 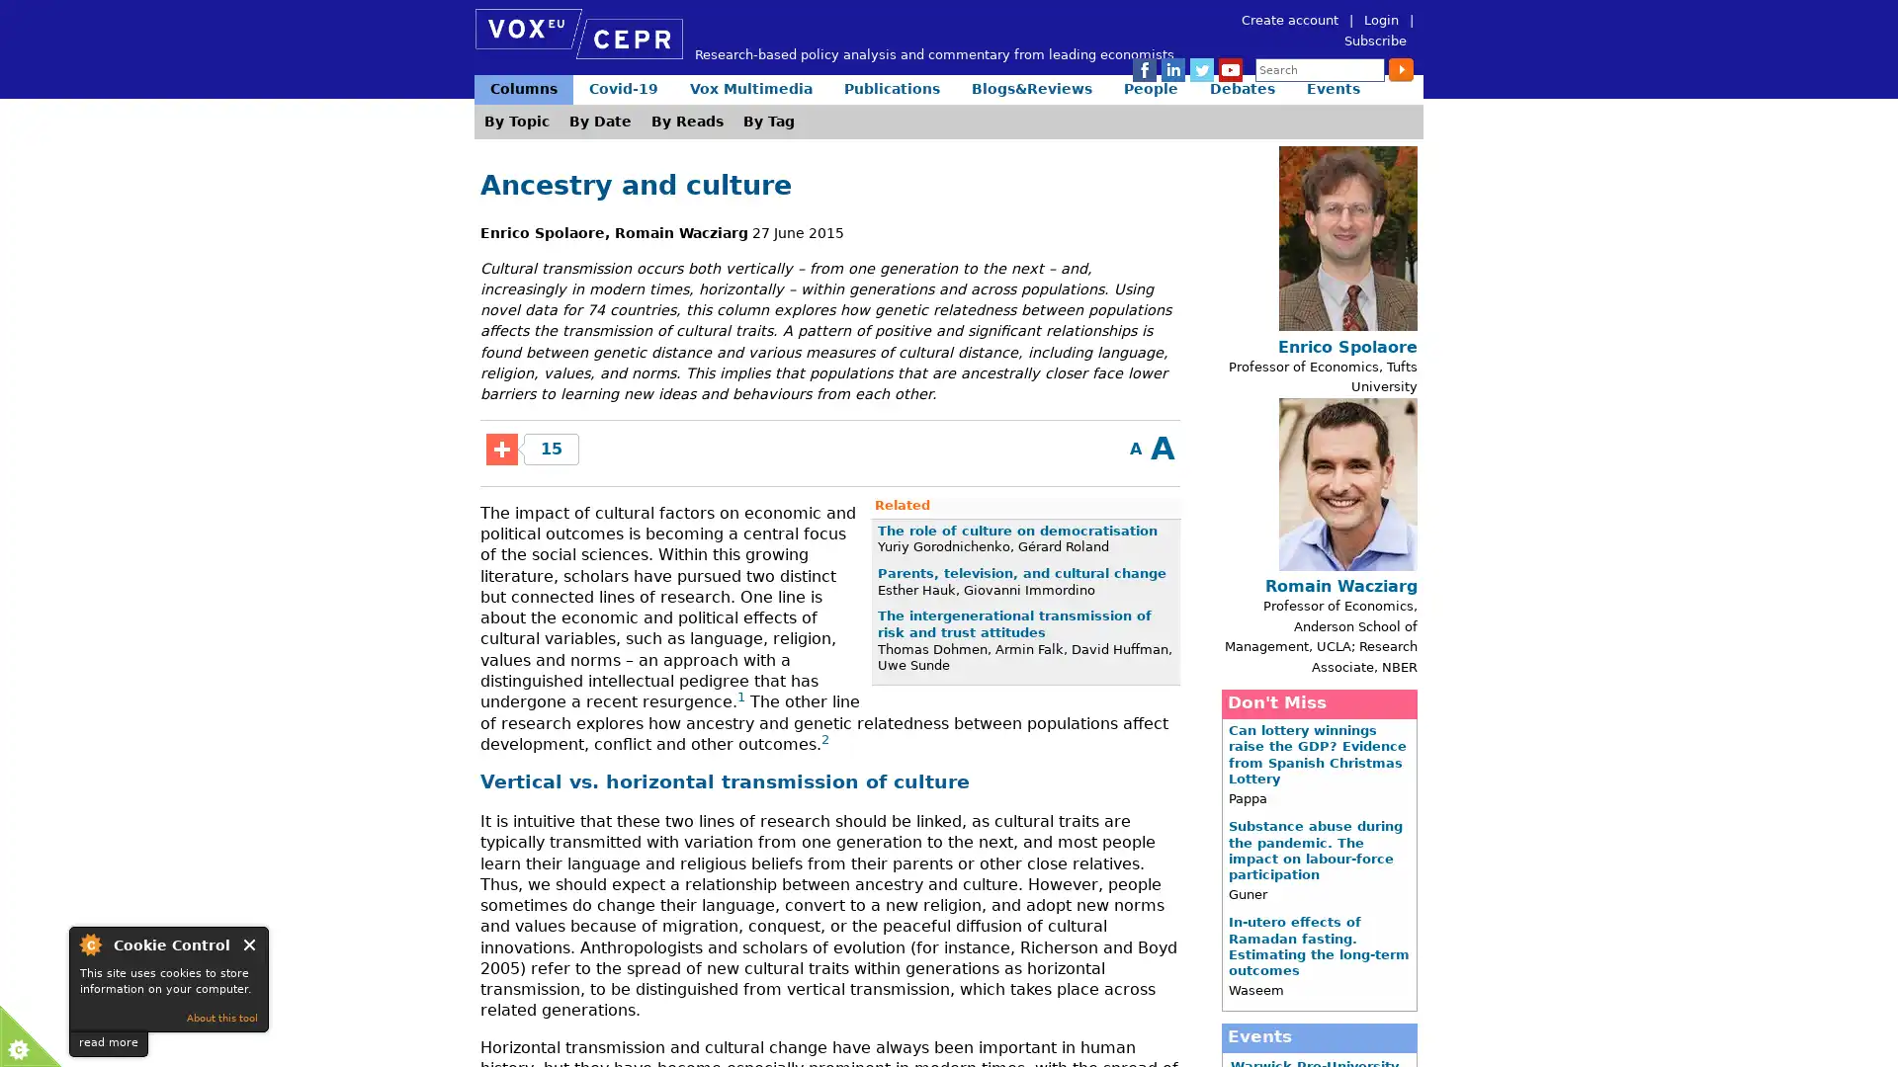 I want to click on Submit, so click(x=1400, y=67).